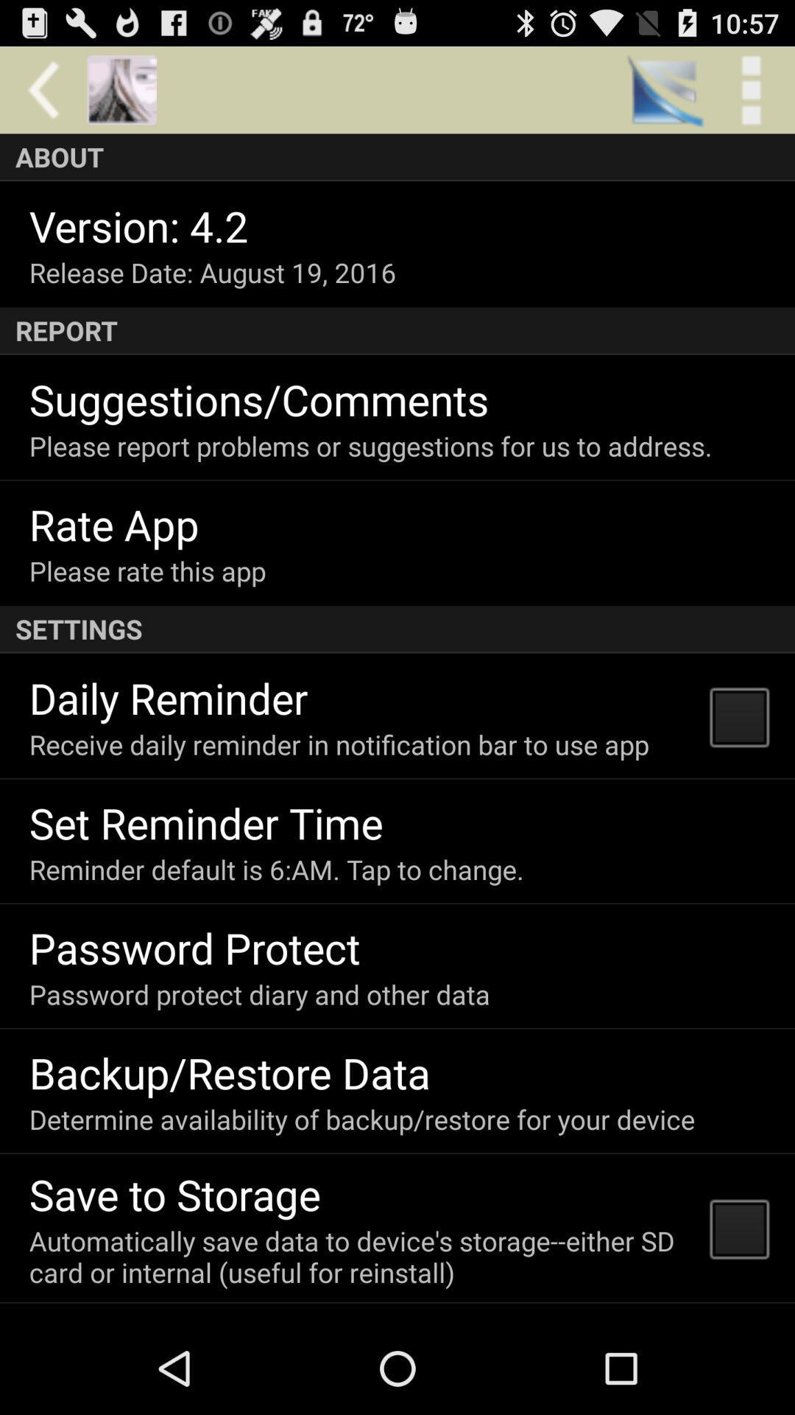 The height and width of the screenshot is (1415, 795). What do you see at coordinates (397, 629) in the screenshot?
I see `the icon above daily reminder` at bounding box center [397, 629].